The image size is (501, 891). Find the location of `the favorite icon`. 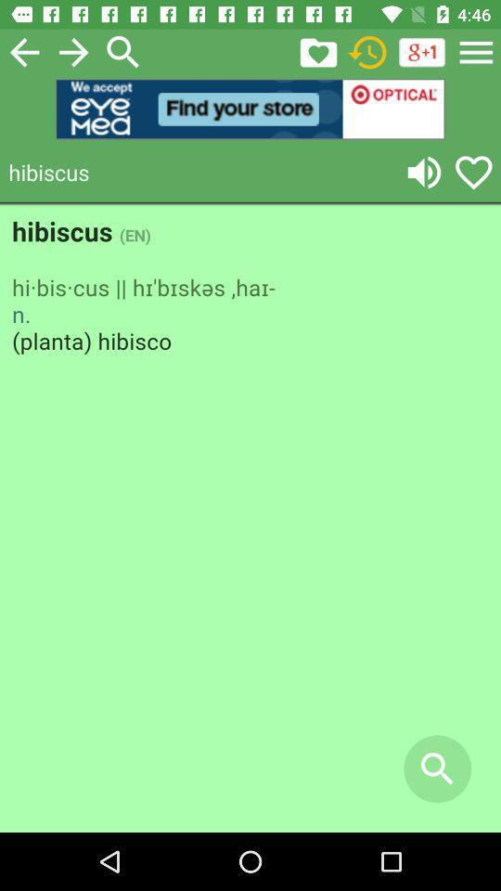

the favorite icon is located at coordinates (473, 172).